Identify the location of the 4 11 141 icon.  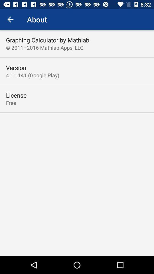
(33, 75).